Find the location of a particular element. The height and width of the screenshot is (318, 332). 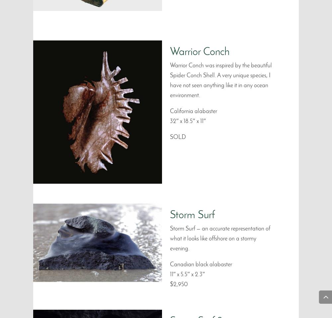

'Storm Surf' is located at coordinates (192, 216).